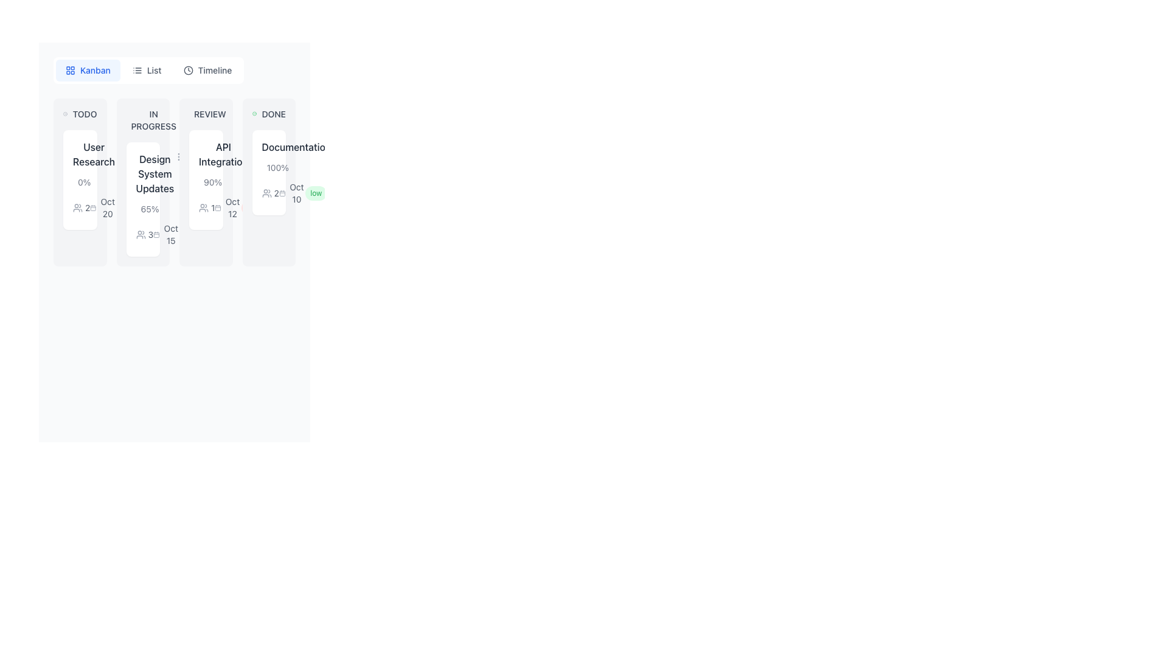 Image resolution: width=1168 pixels, height=657 pixels. Describe the element at coordinates (268, 192) in the screenshot. I see `the icon indicating the number of people associated with the task in the 'Documentation' card located in the 'Done' column of the Kanban board` at that location.